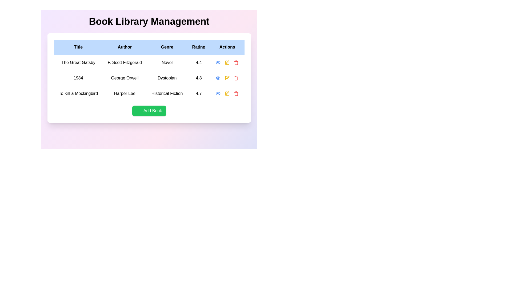 This screenshot has height=288, width=512. What do you see at coordinates (124, 47) in the screenshot?
I see `the table header cell labeled 'Author', which is the second column header in the table with a light blue background and bold black text` at bounding box center [124, 47].